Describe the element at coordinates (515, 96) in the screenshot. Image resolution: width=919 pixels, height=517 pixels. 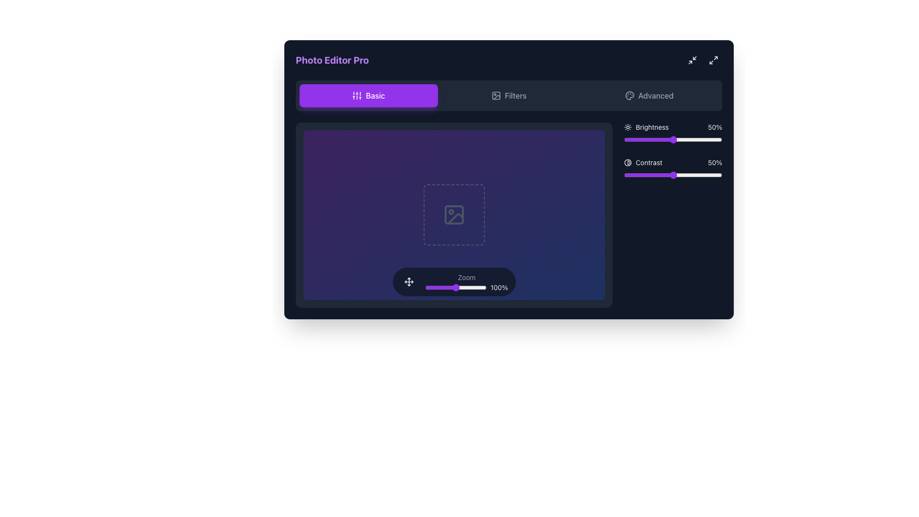
I see `the 'Filters' text label within the button in the top navigation bar` at that location.